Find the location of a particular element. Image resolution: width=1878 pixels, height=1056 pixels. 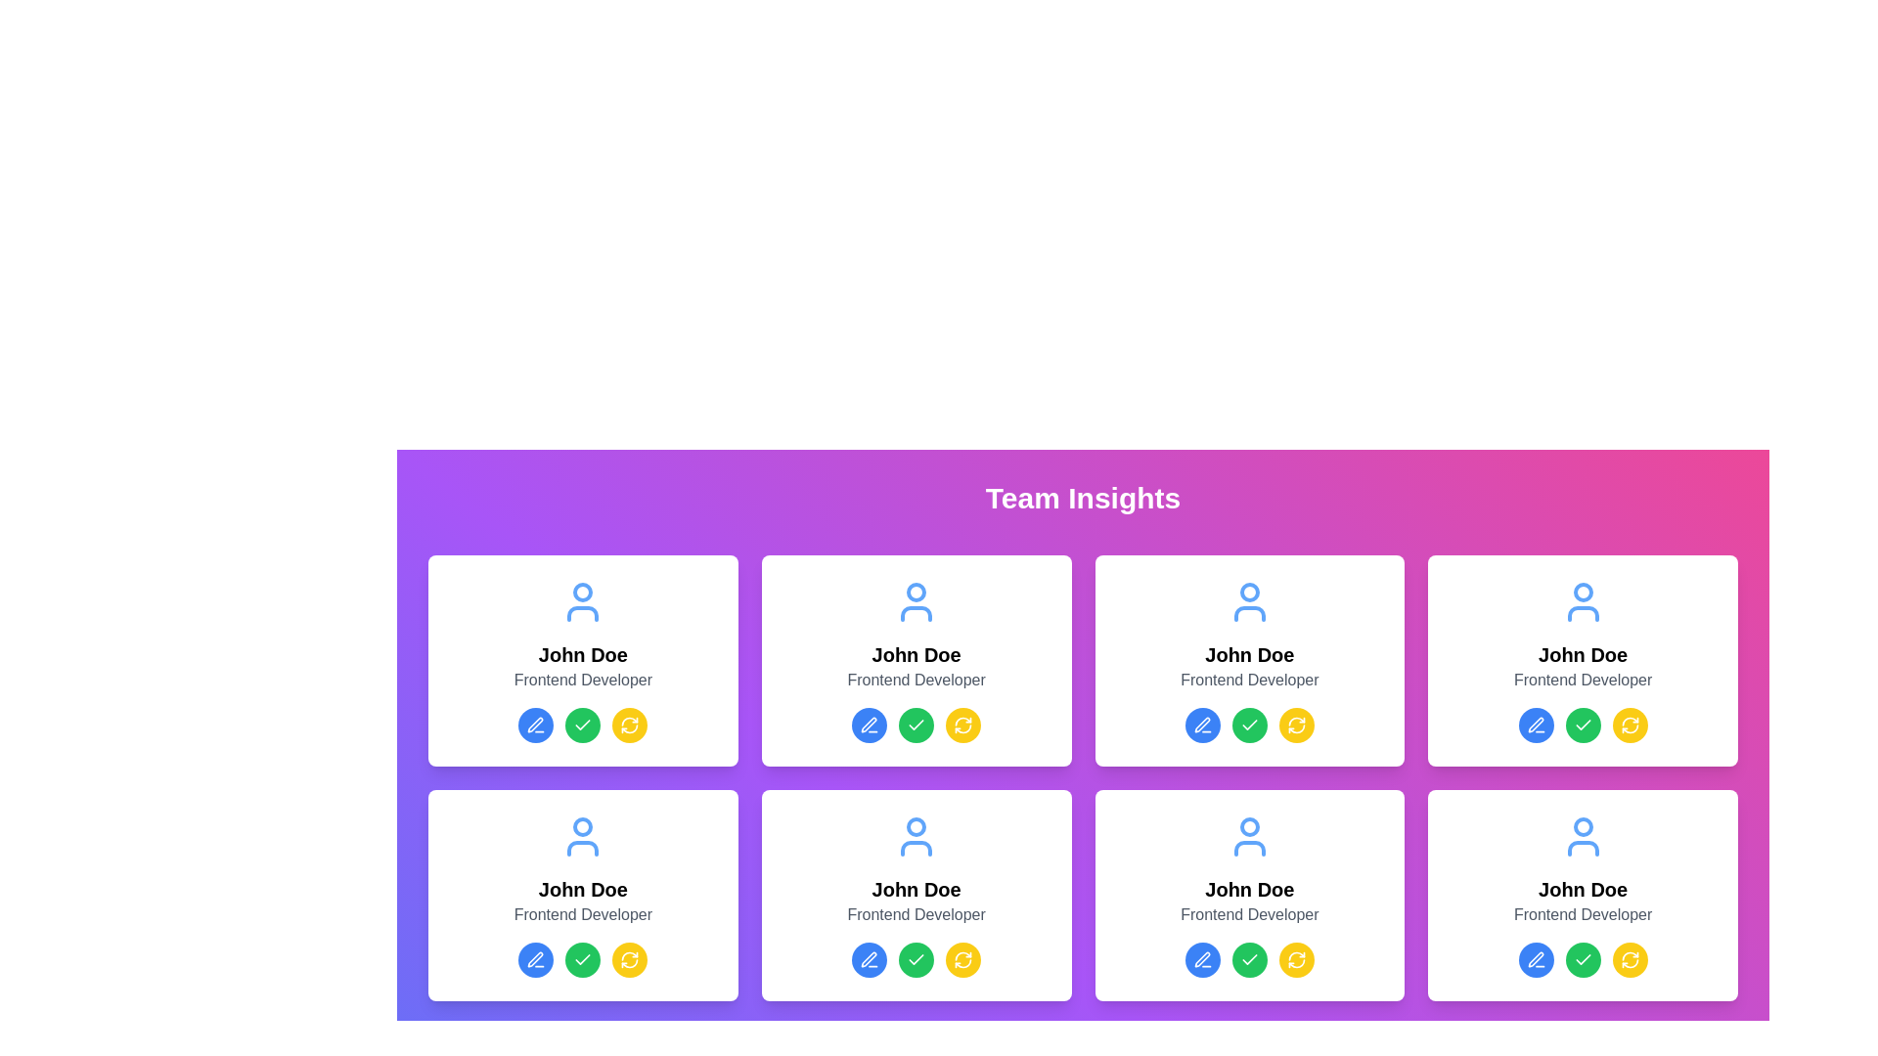

the circular green button with a white checkmark icon located in the rightmost card of the top row, which is the second button among three circular buttons is located at coordinates (1583, 725).